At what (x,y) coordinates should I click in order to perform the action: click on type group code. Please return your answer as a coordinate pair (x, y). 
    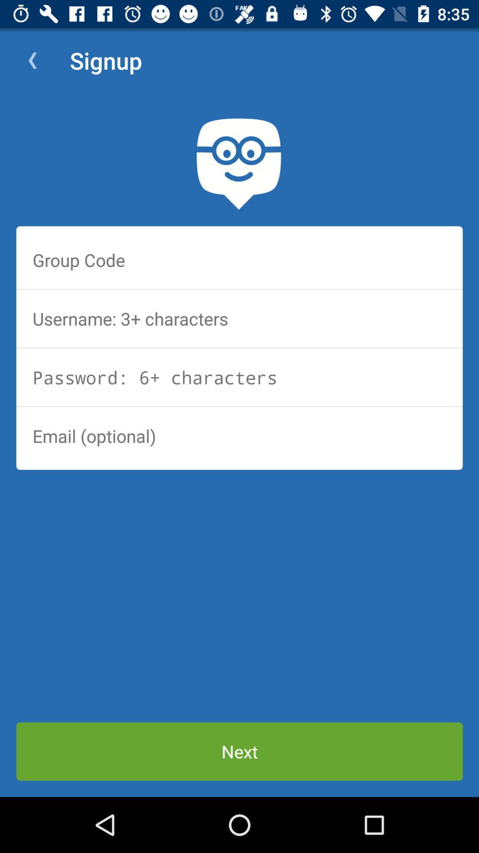
    Looking at the image, I should click on (239, 259).